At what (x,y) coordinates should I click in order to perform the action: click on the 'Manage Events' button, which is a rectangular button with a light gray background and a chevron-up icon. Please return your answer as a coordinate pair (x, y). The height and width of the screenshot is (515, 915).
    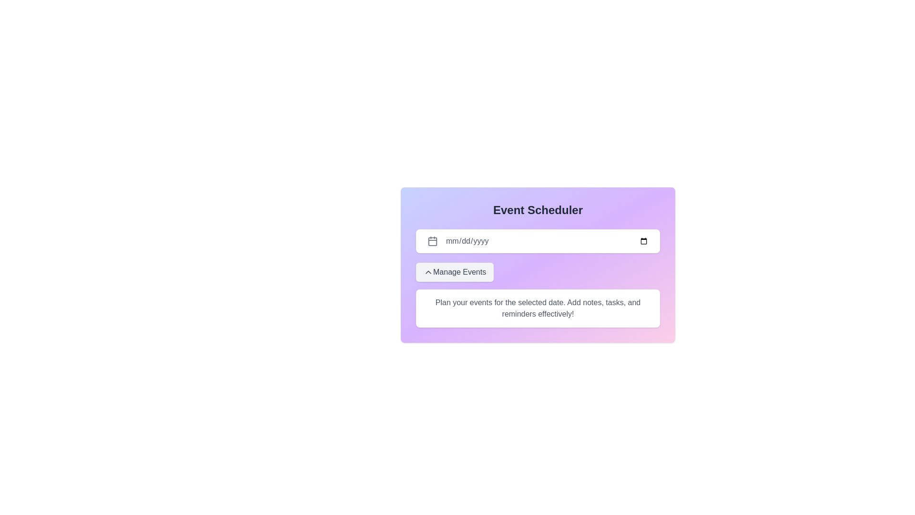
    Looking at the image, I should click on (454, 272).